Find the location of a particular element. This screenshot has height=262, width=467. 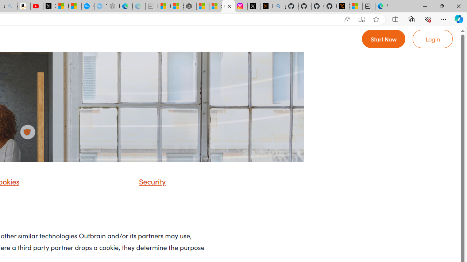

'Nordace - Nordace has arrived Hong Kong - Sleeping' is located at coordinates (113, 6).